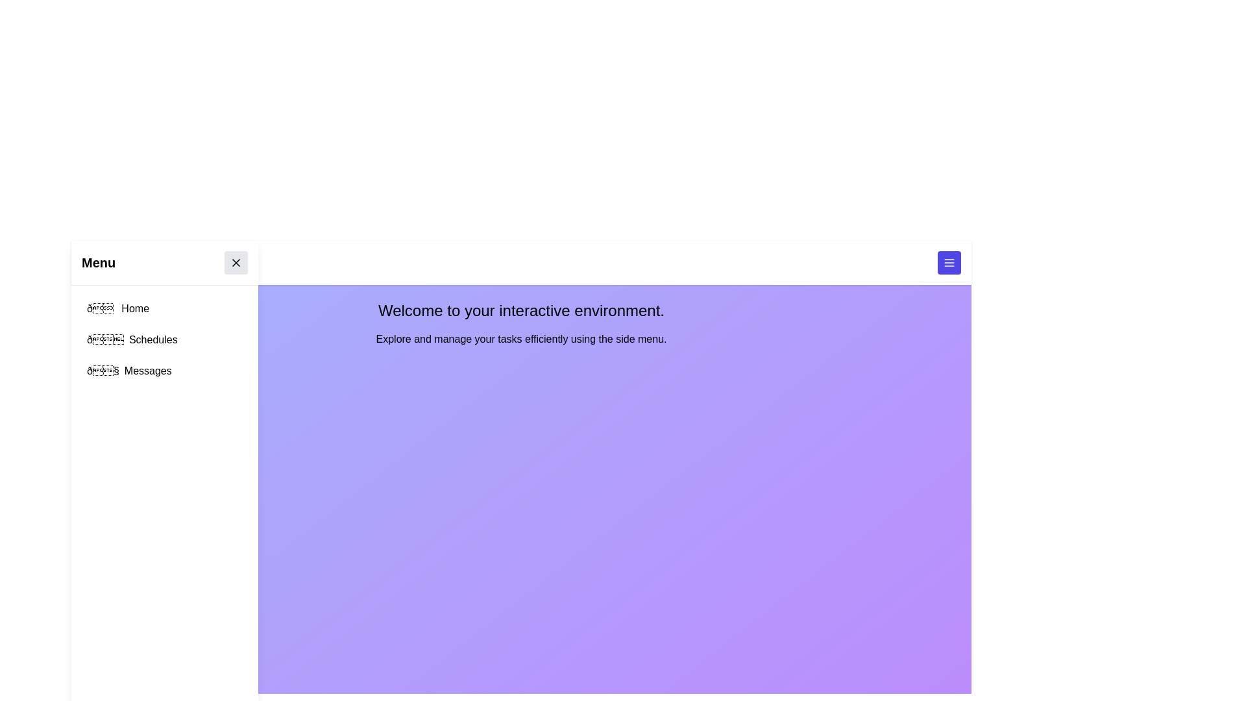 Image resolution: width=1246 pixels, height=701 pixels. What do you see at coordinates (236, 263) in the screenshot?
I see `the 'X' icon within the rounded square button located at the top-right of the sidebar menu` at bounding box center [236, 263].